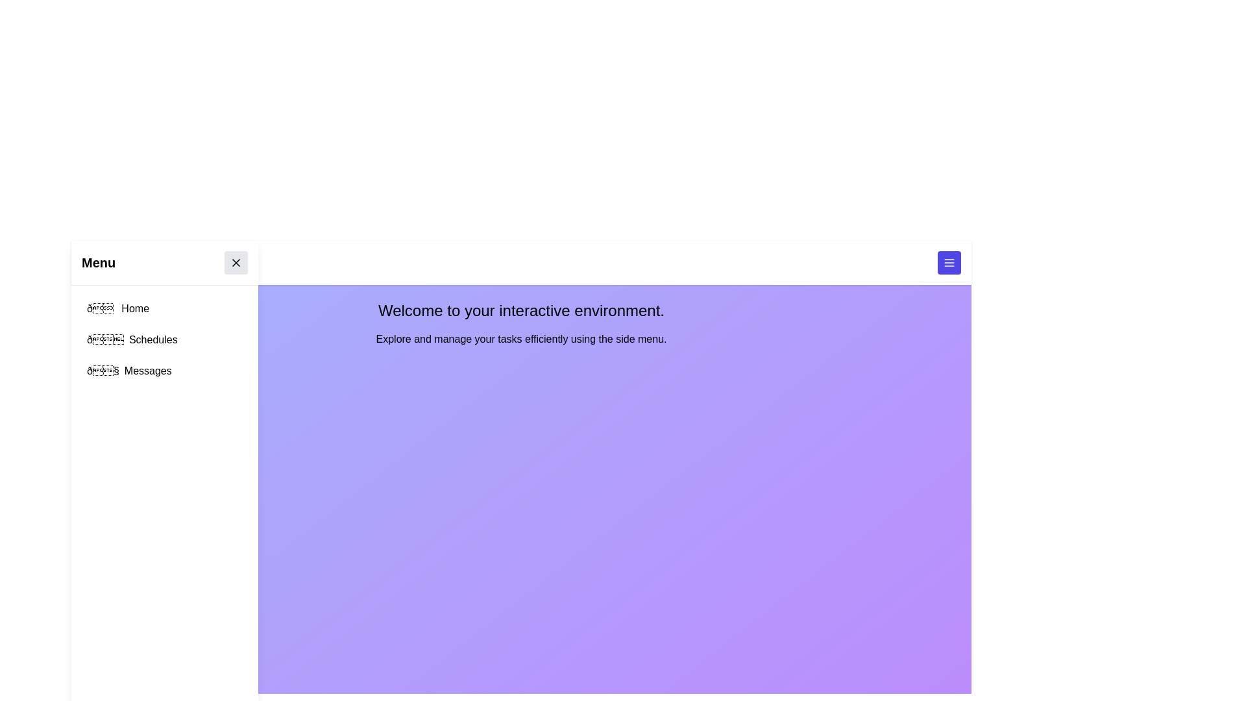 Image resolution: width=1246 pixels, height=701 pixels. What do you see at coordinates (236, 263) in the screenshot?
I see `the 'X' icon within the rounded square button located at the top-right of the sidebar menu` at bounding box center [236, 263].